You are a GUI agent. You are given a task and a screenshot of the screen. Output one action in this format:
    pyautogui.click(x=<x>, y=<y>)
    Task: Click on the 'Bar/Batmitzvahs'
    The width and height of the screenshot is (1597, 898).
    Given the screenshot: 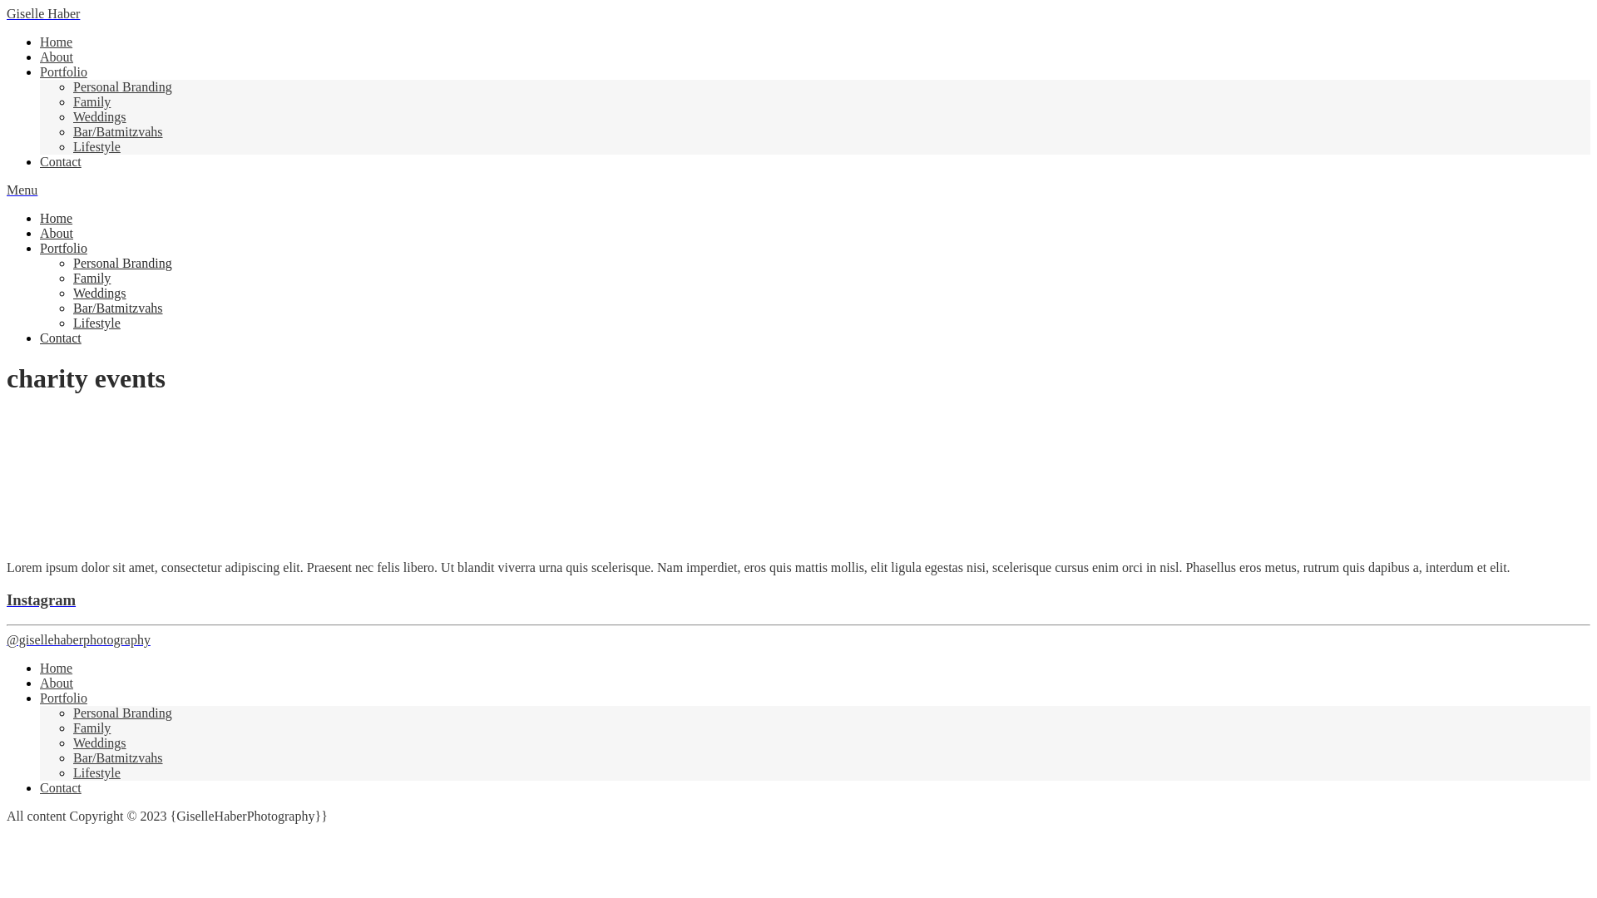 What is the action you would take?
    pyautogui.click(x=117, y=131)
    